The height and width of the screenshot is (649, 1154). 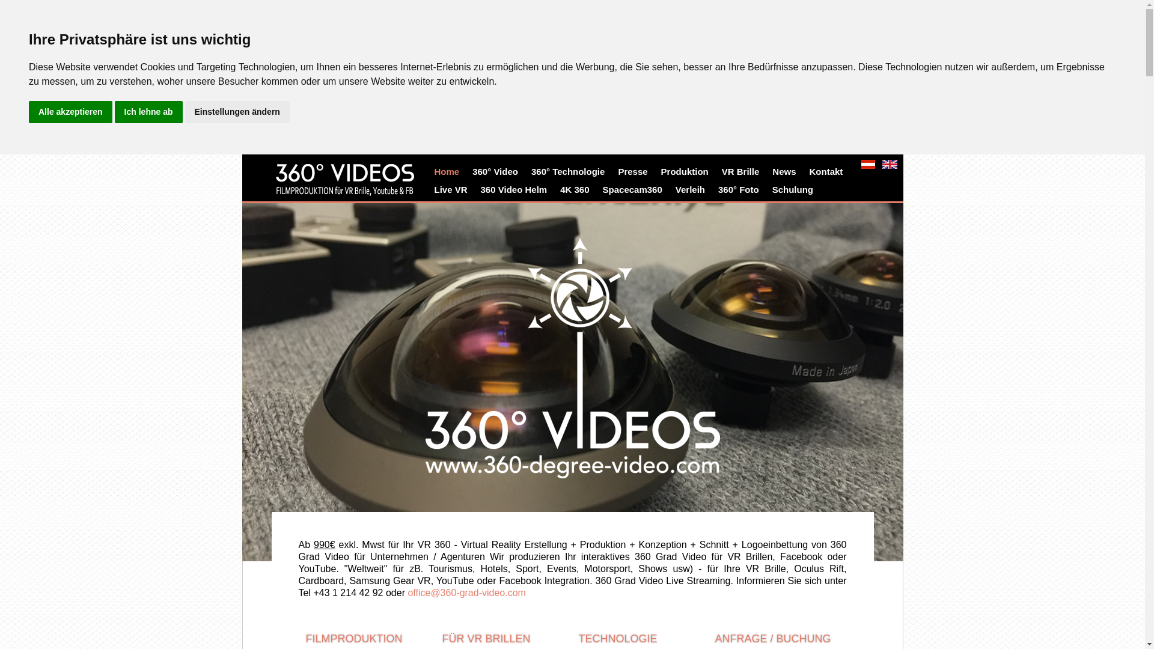 I want to click on 'office@360-grad-video.com', so click(x=466, y=592).